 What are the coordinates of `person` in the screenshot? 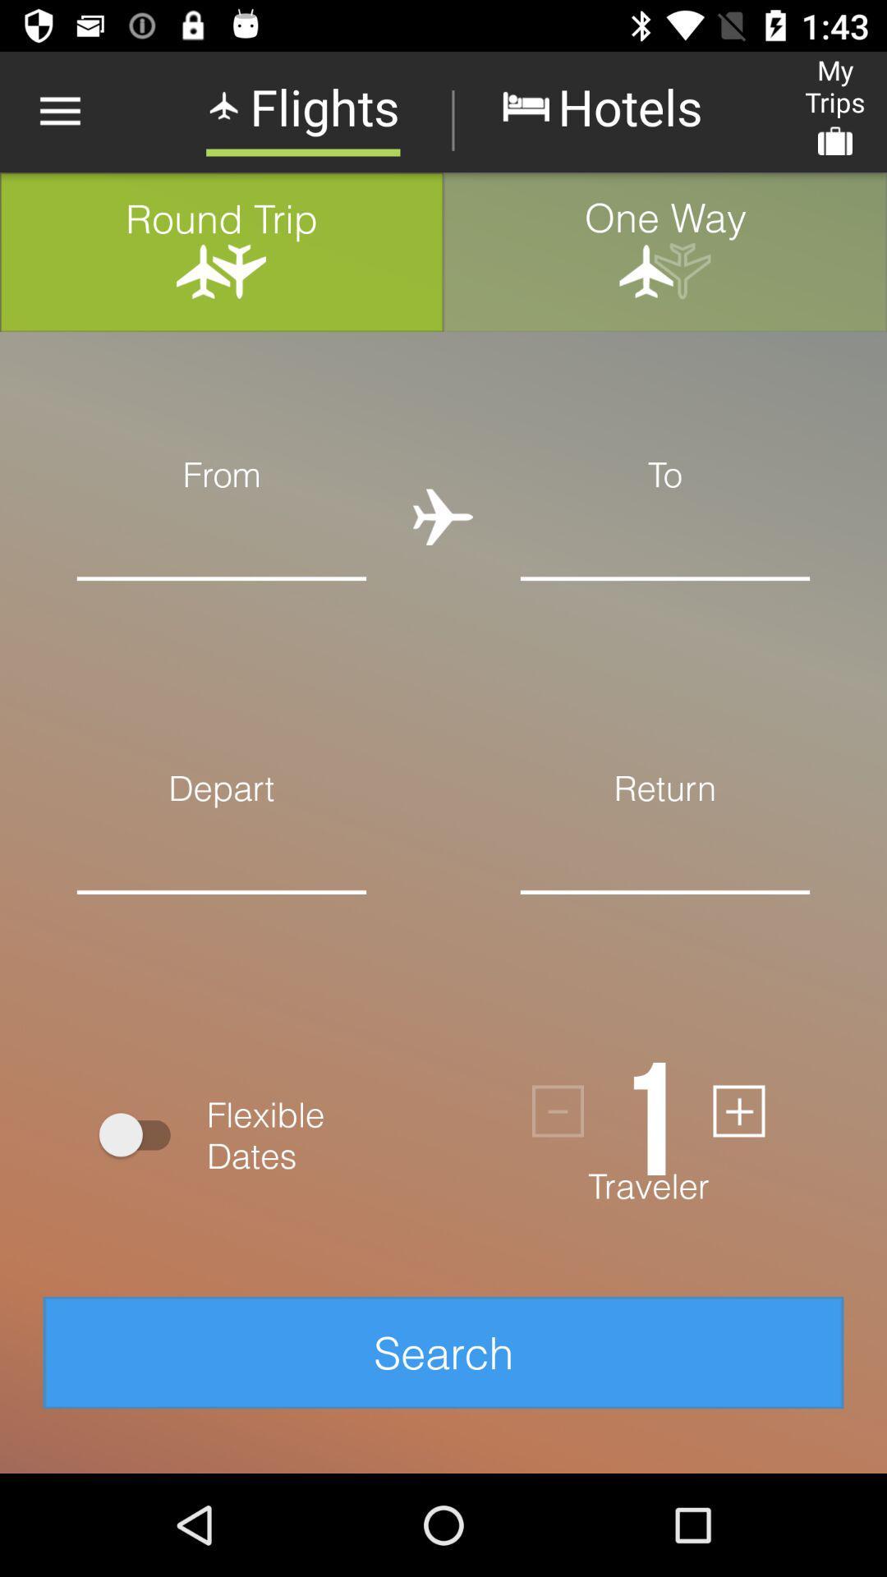 It's located at (738, 1111).